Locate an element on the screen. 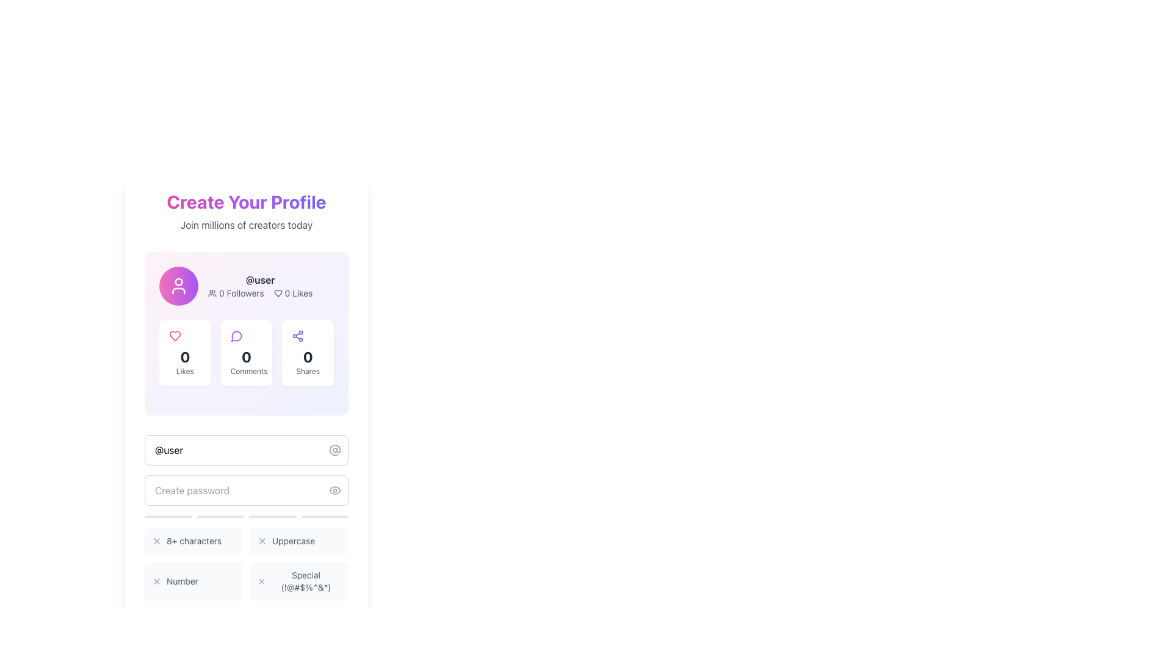 This screenshot has height=659, width=1172. the share icon located at the top-right corner of the '0 Shares' box, beneath the '@user' section, by clicking on it if it is functional is located at coordinates (298, 336).